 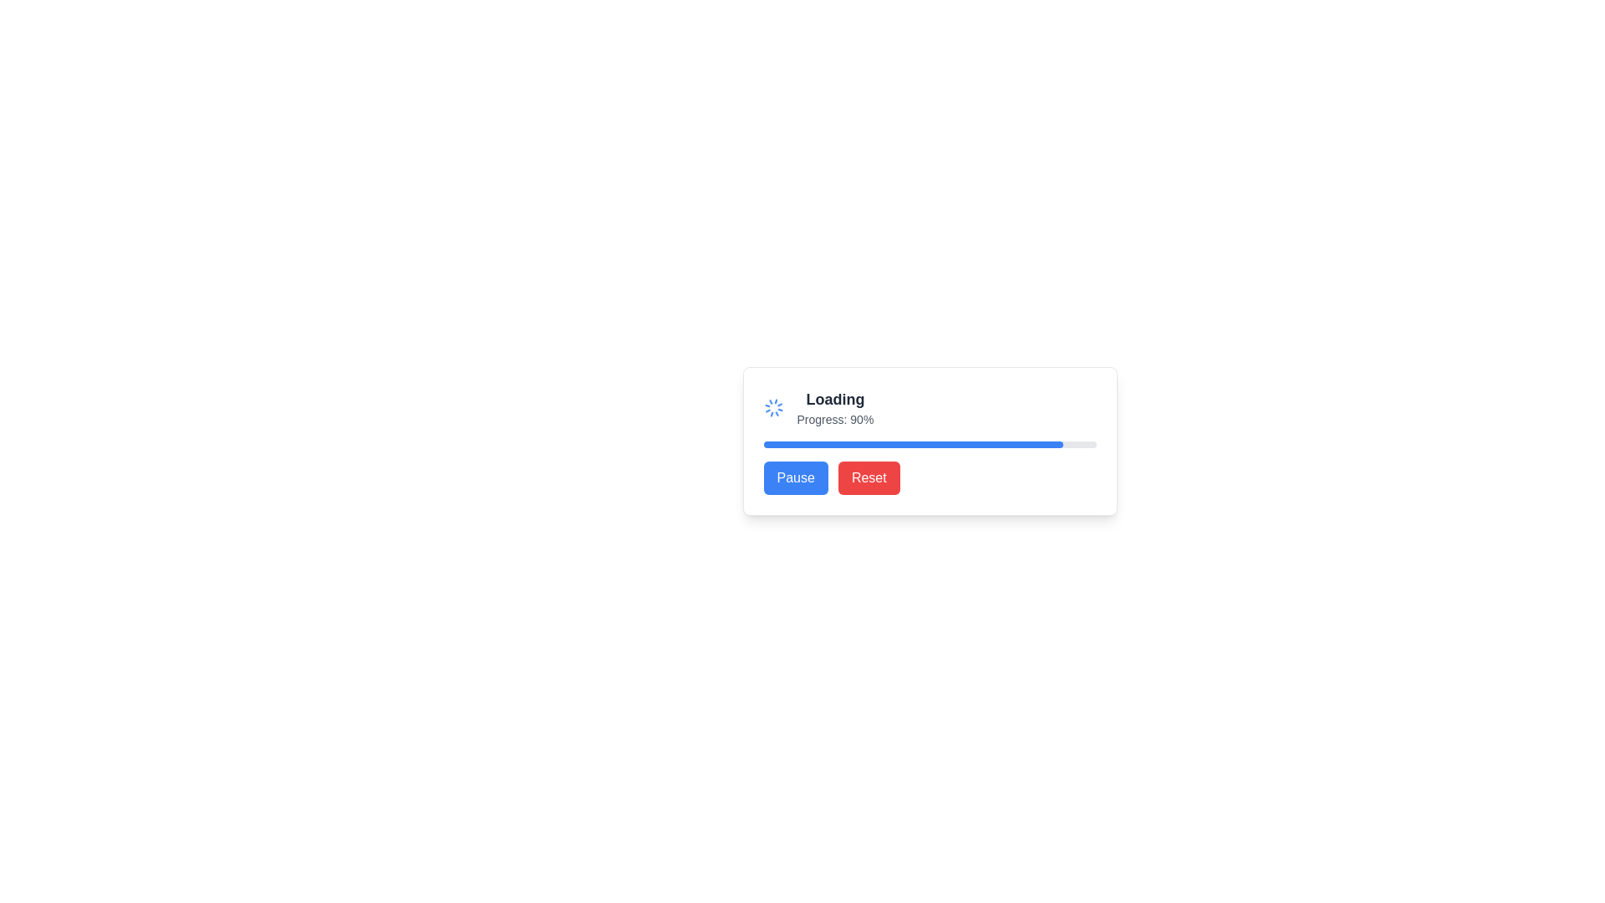 What do you see at coordinates (929, 444) in the screenshot?
I see `the progress visually by focusing on the progress bar located beneath the 'Progress: 80%' text and above the 'Pause' and 'Reset' buttons` at bounding box center [929, 444].